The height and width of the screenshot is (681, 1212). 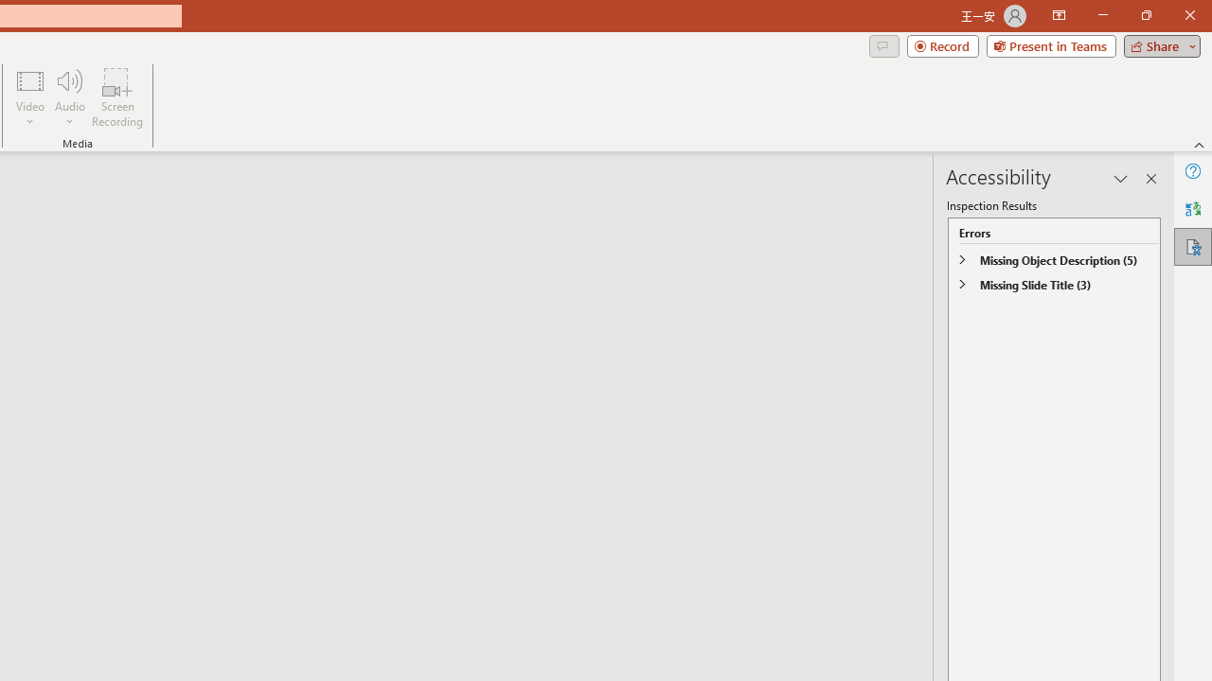 I want to click on 'Collapse the Ribbon', so click(x=1199, y=144).